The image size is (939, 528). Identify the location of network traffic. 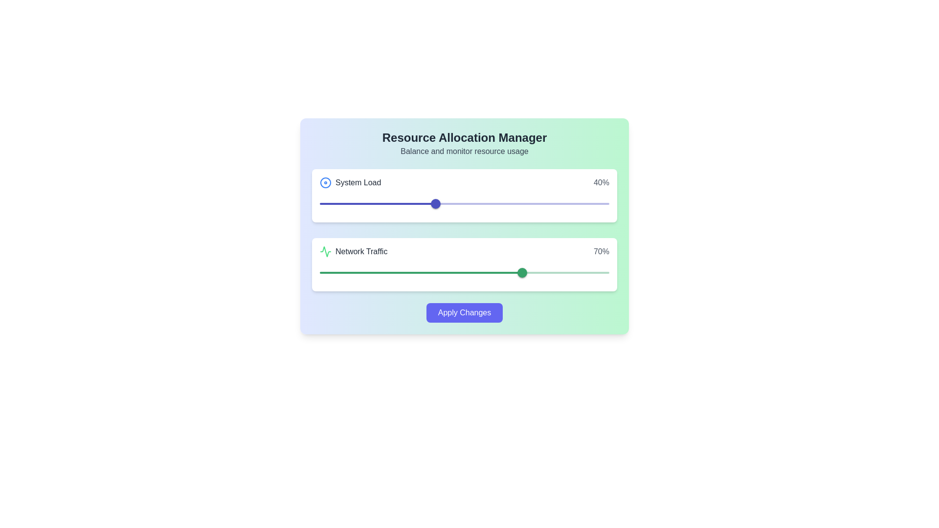
(597, 273).